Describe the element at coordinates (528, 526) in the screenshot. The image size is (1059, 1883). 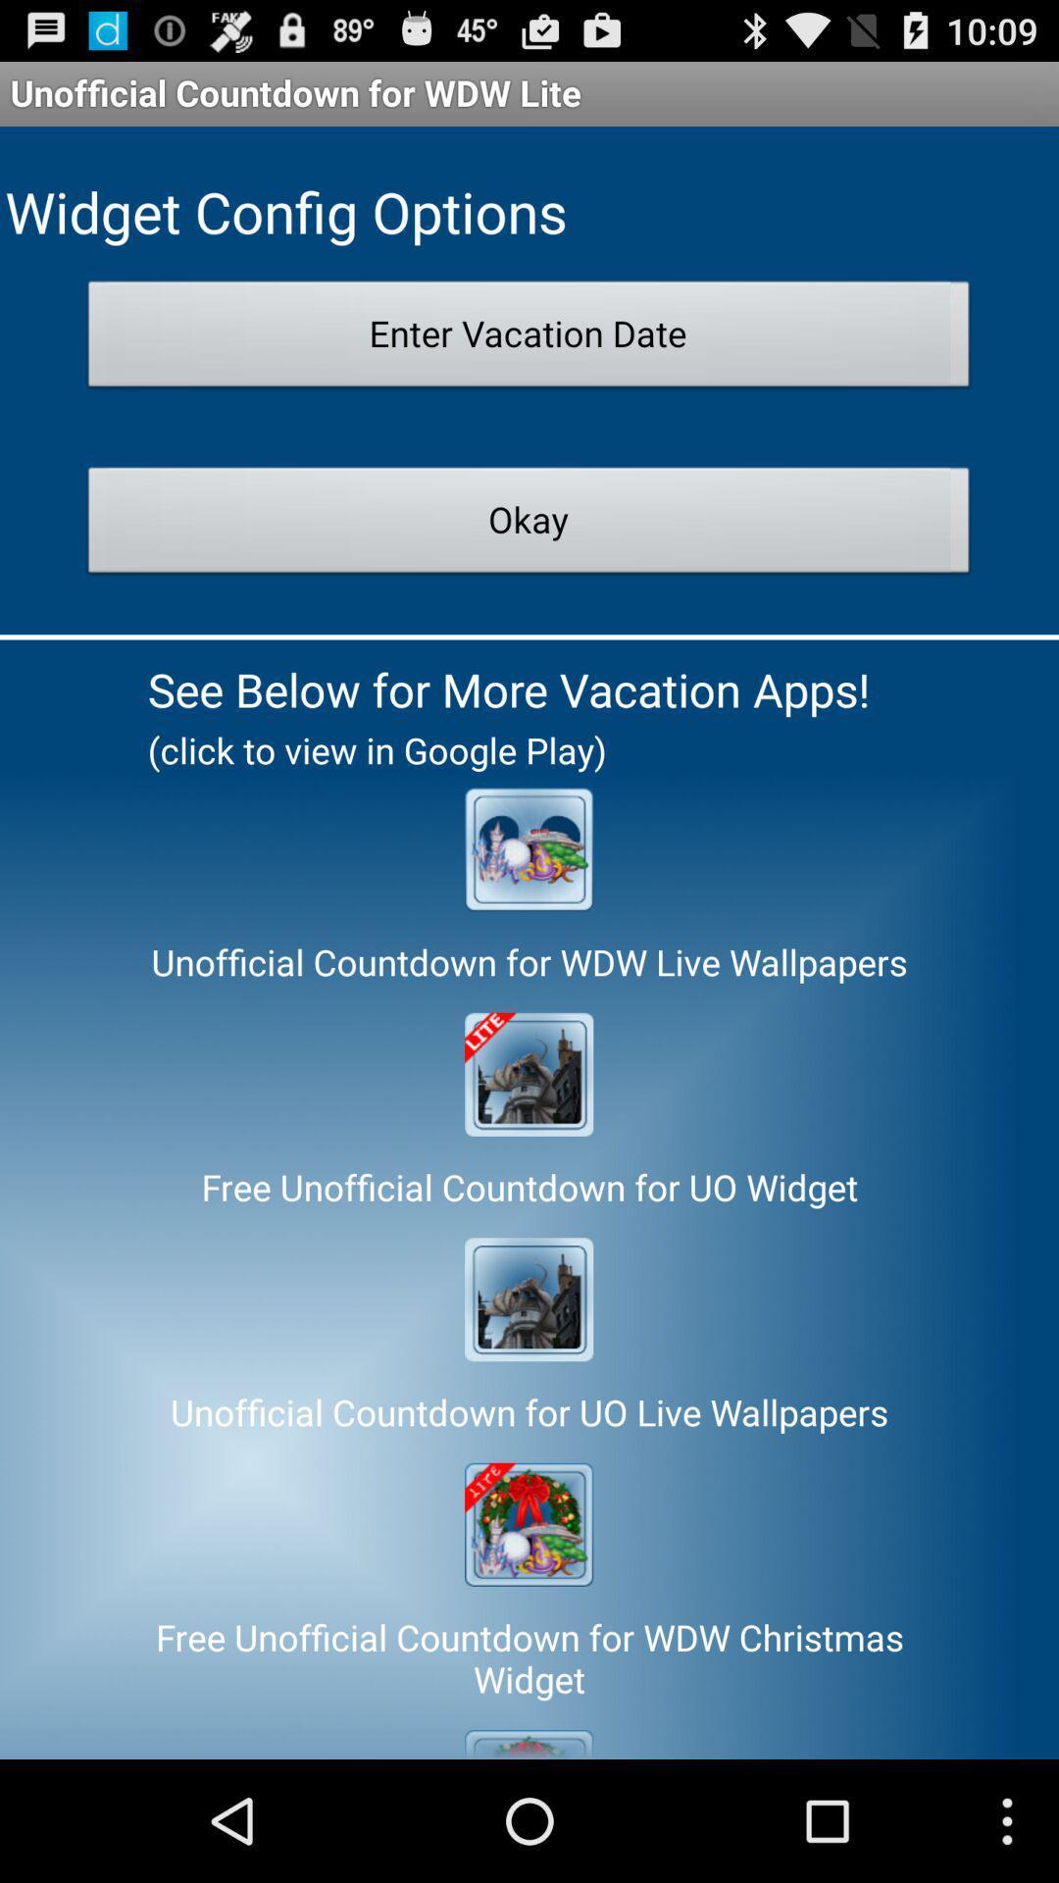
I see `okay icon` at that location.